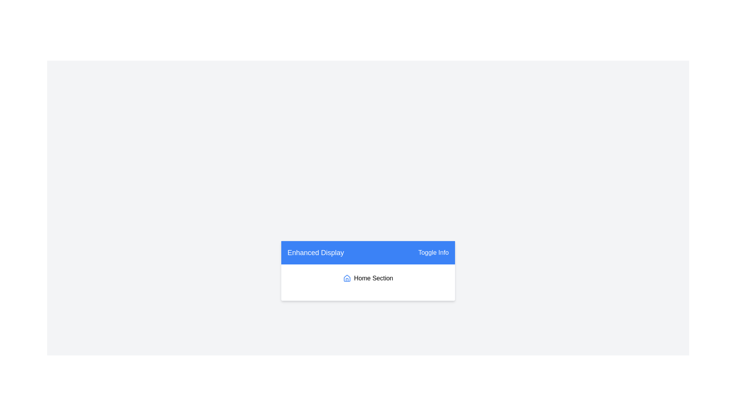 The image size is (748, 420). I want to click on the 'Home' icon, which visually represents the 'Home Section' label, positioned slightly above and to the left of the text element, so click(346, 278).